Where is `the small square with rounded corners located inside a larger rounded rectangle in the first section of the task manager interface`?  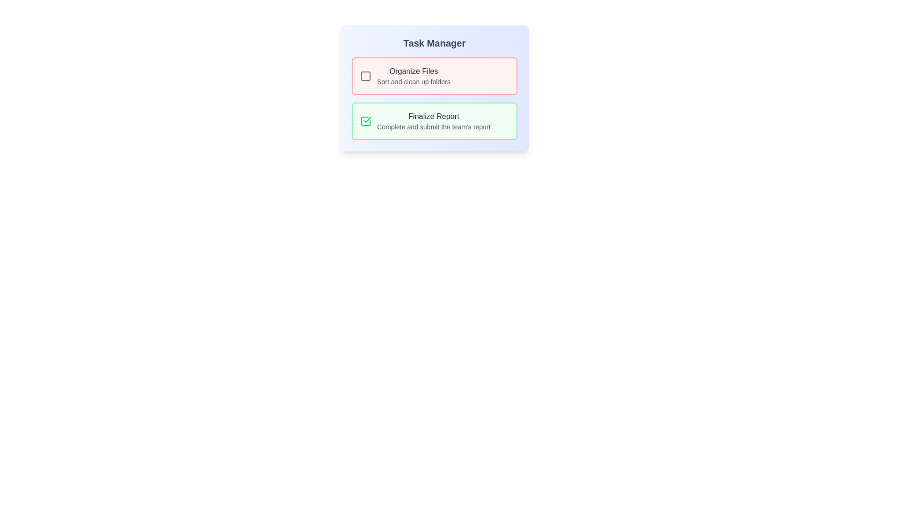
the small square with rounded corners located inside a larger rounded rectangle in the first section of the task manager interface is located at coordinates (365, 76).